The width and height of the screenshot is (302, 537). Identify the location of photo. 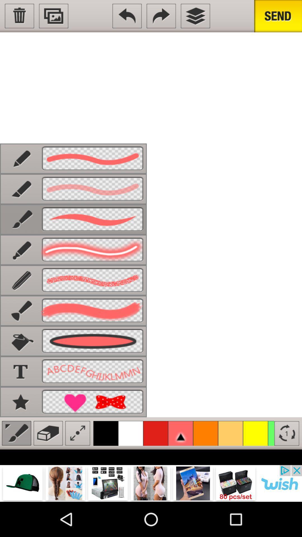
(54, 16).